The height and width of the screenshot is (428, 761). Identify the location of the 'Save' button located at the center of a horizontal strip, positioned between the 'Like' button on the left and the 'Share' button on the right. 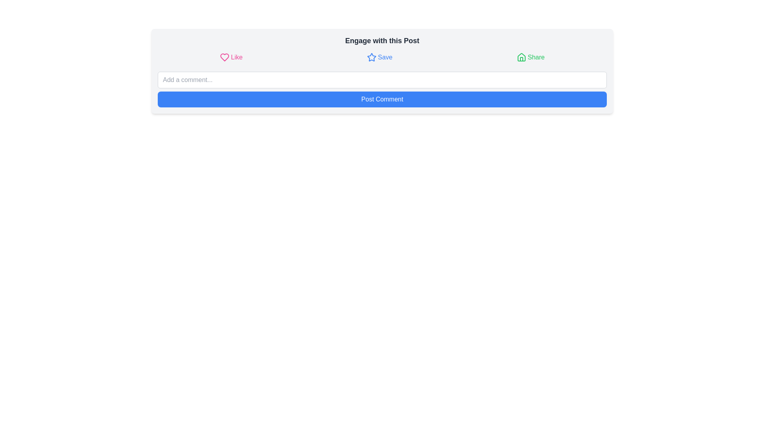
(379, 57).